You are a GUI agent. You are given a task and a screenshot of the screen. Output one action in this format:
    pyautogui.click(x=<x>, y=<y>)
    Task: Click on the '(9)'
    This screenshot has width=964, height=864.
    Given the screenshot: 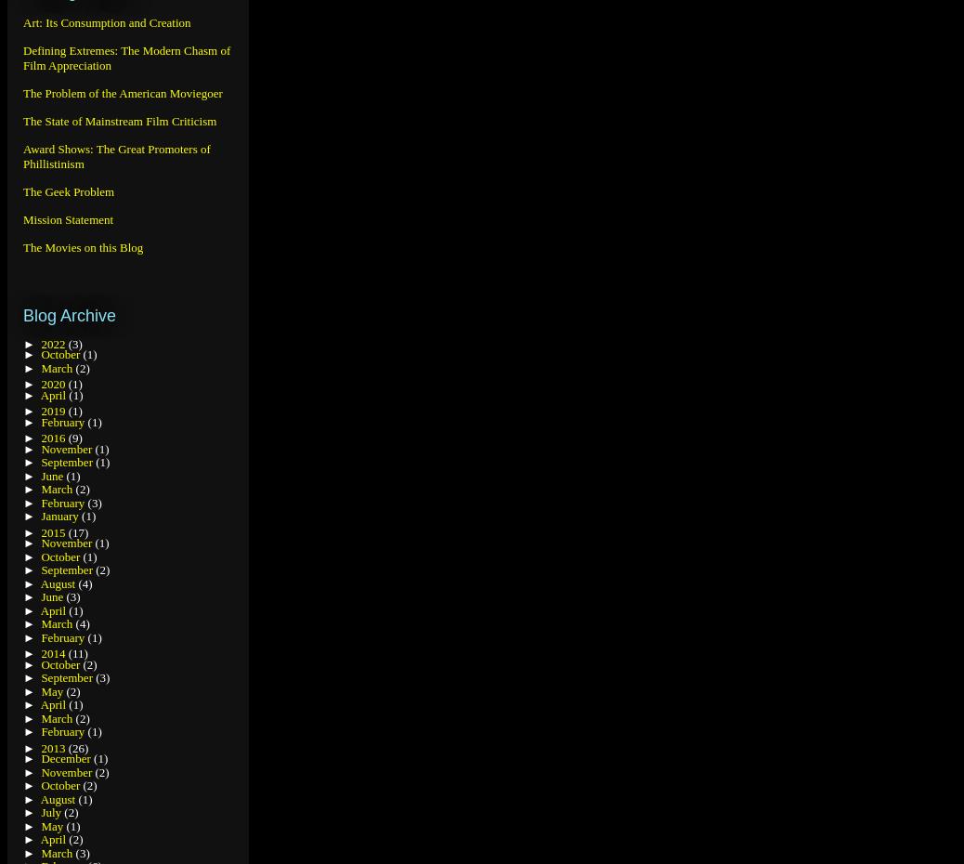 What is the action you would take?
    pyautogui.click(x=73, y=437)
    